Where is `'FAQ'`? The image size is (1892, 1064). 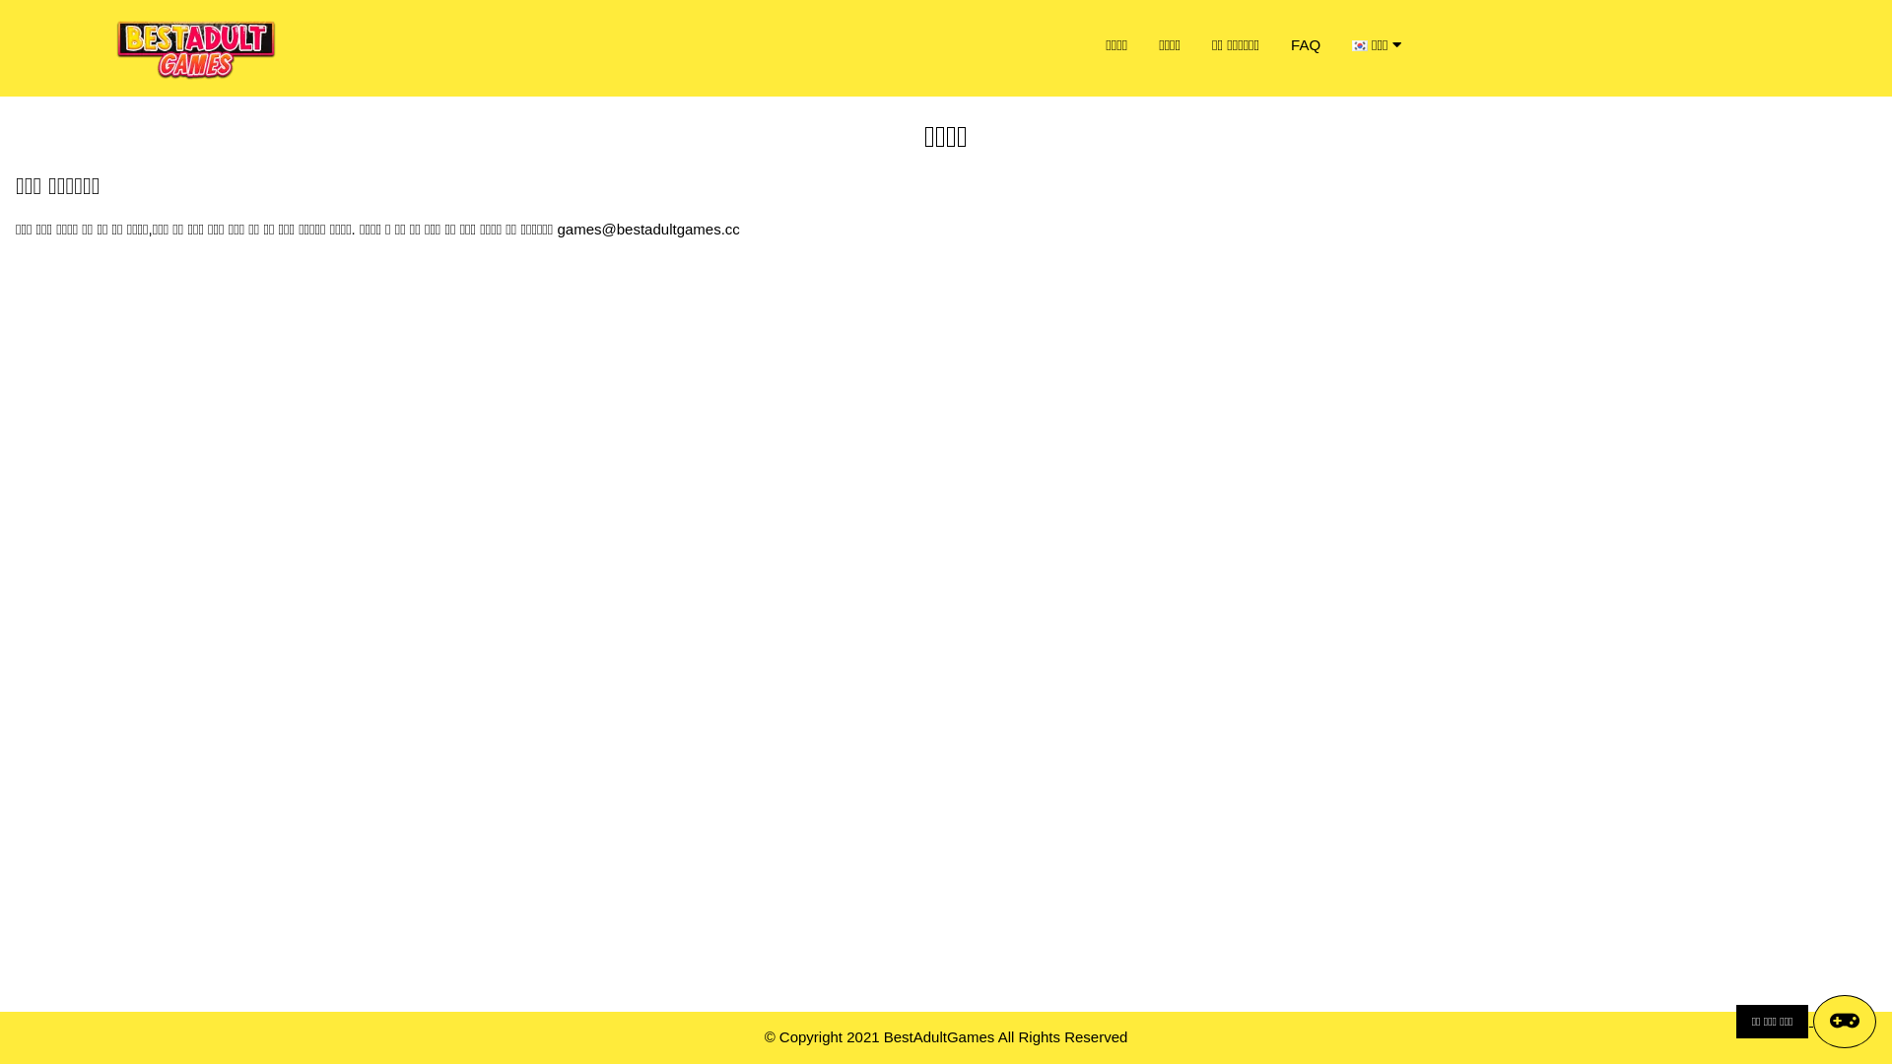
'FAQ' is located at coordinates (1305, 44).